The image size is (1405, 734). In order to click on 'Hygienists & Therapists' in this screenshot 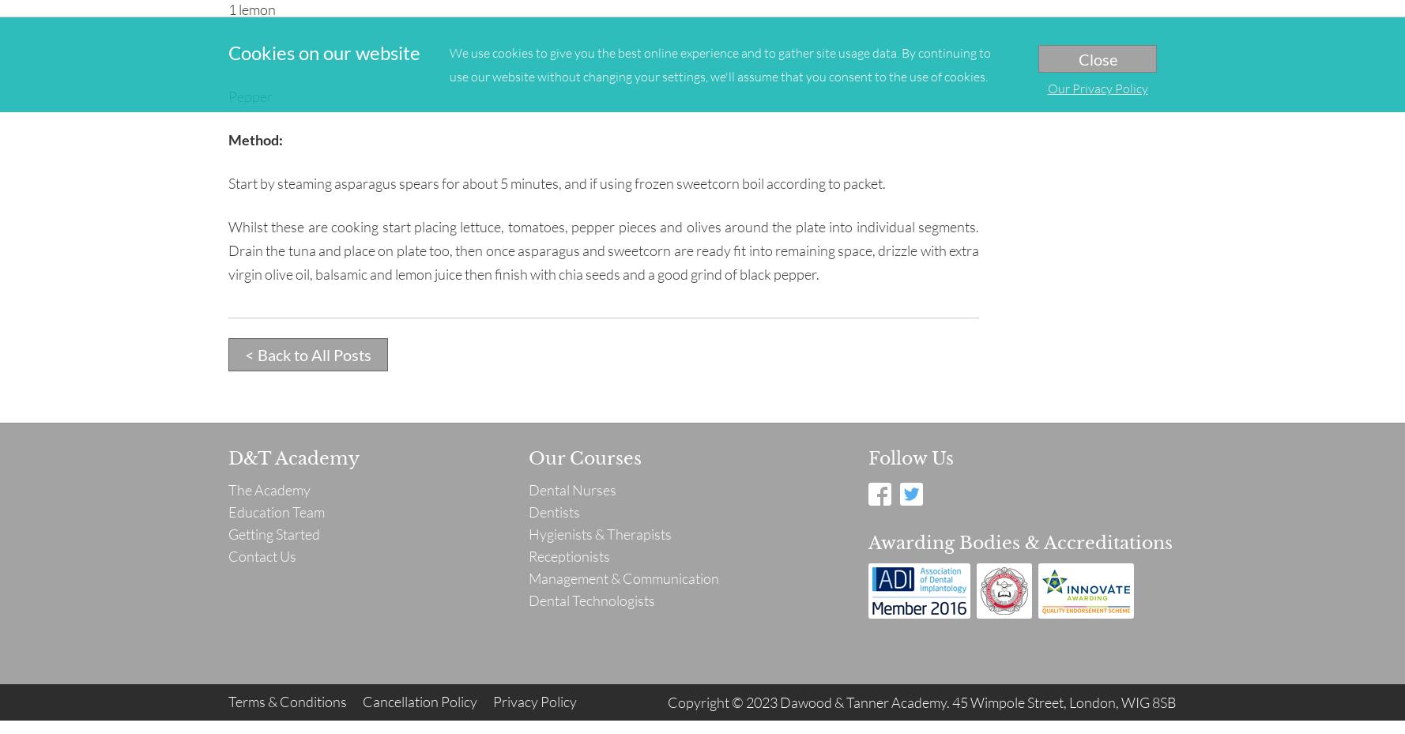, I will do `click(529, 534)`.